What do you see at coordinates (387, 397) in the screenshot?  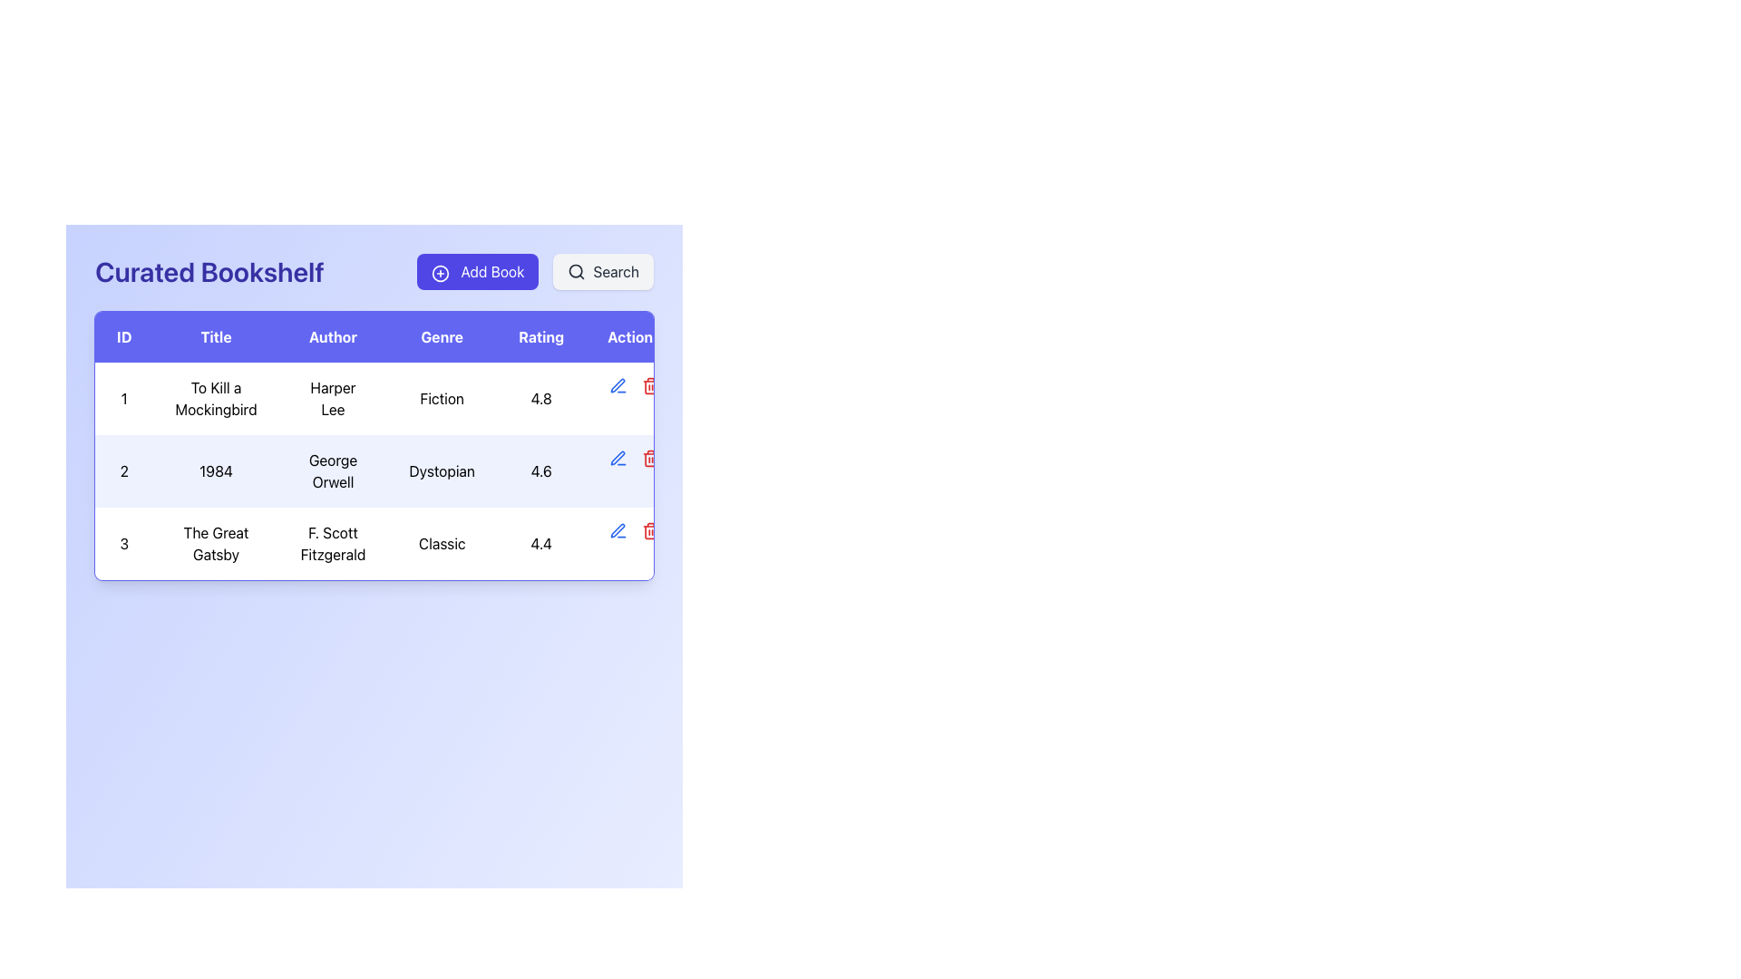 I see `the first row in the book table representing 'To Kill a Mockingbird' for more details` at bounding box center [387, 397].